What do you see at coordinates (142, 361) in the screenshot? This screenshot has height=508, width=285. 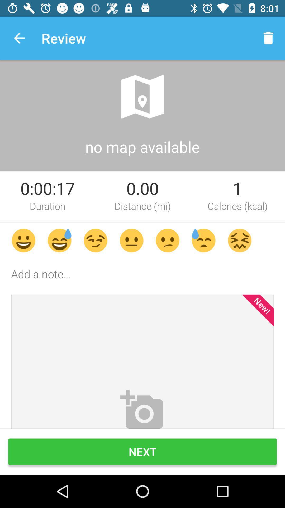 I see `the image above next` at bounding box center [142, 361].